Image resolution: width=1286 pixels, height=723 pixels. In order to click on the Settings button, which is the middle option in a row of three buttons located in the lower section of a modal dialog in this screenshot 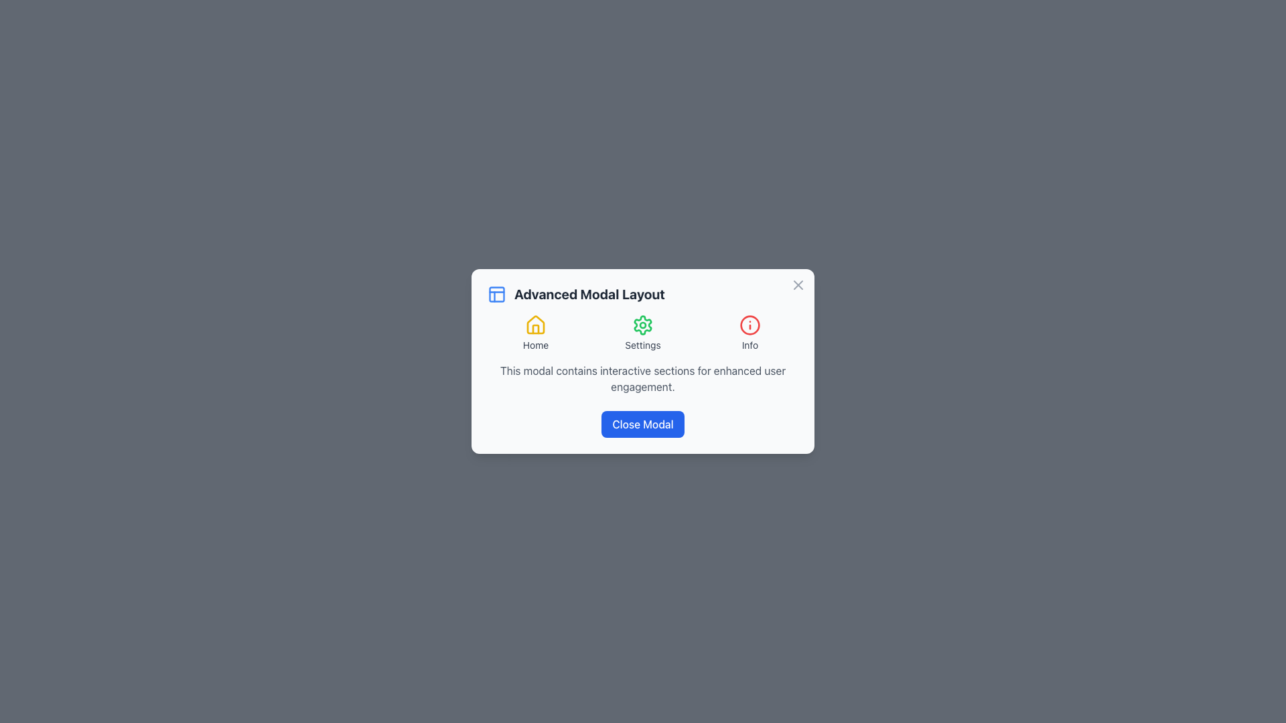, I will do `click(643, 332)`.